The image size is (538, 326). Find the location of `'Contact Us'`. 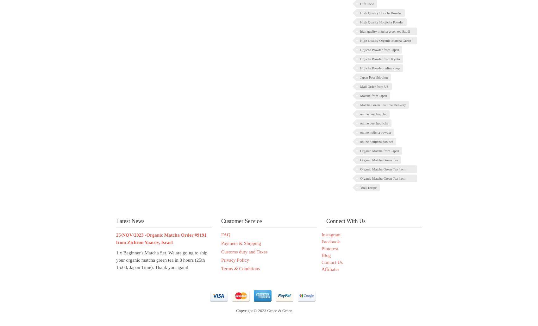

'Contact Us' is located at coordinates (332, 262).